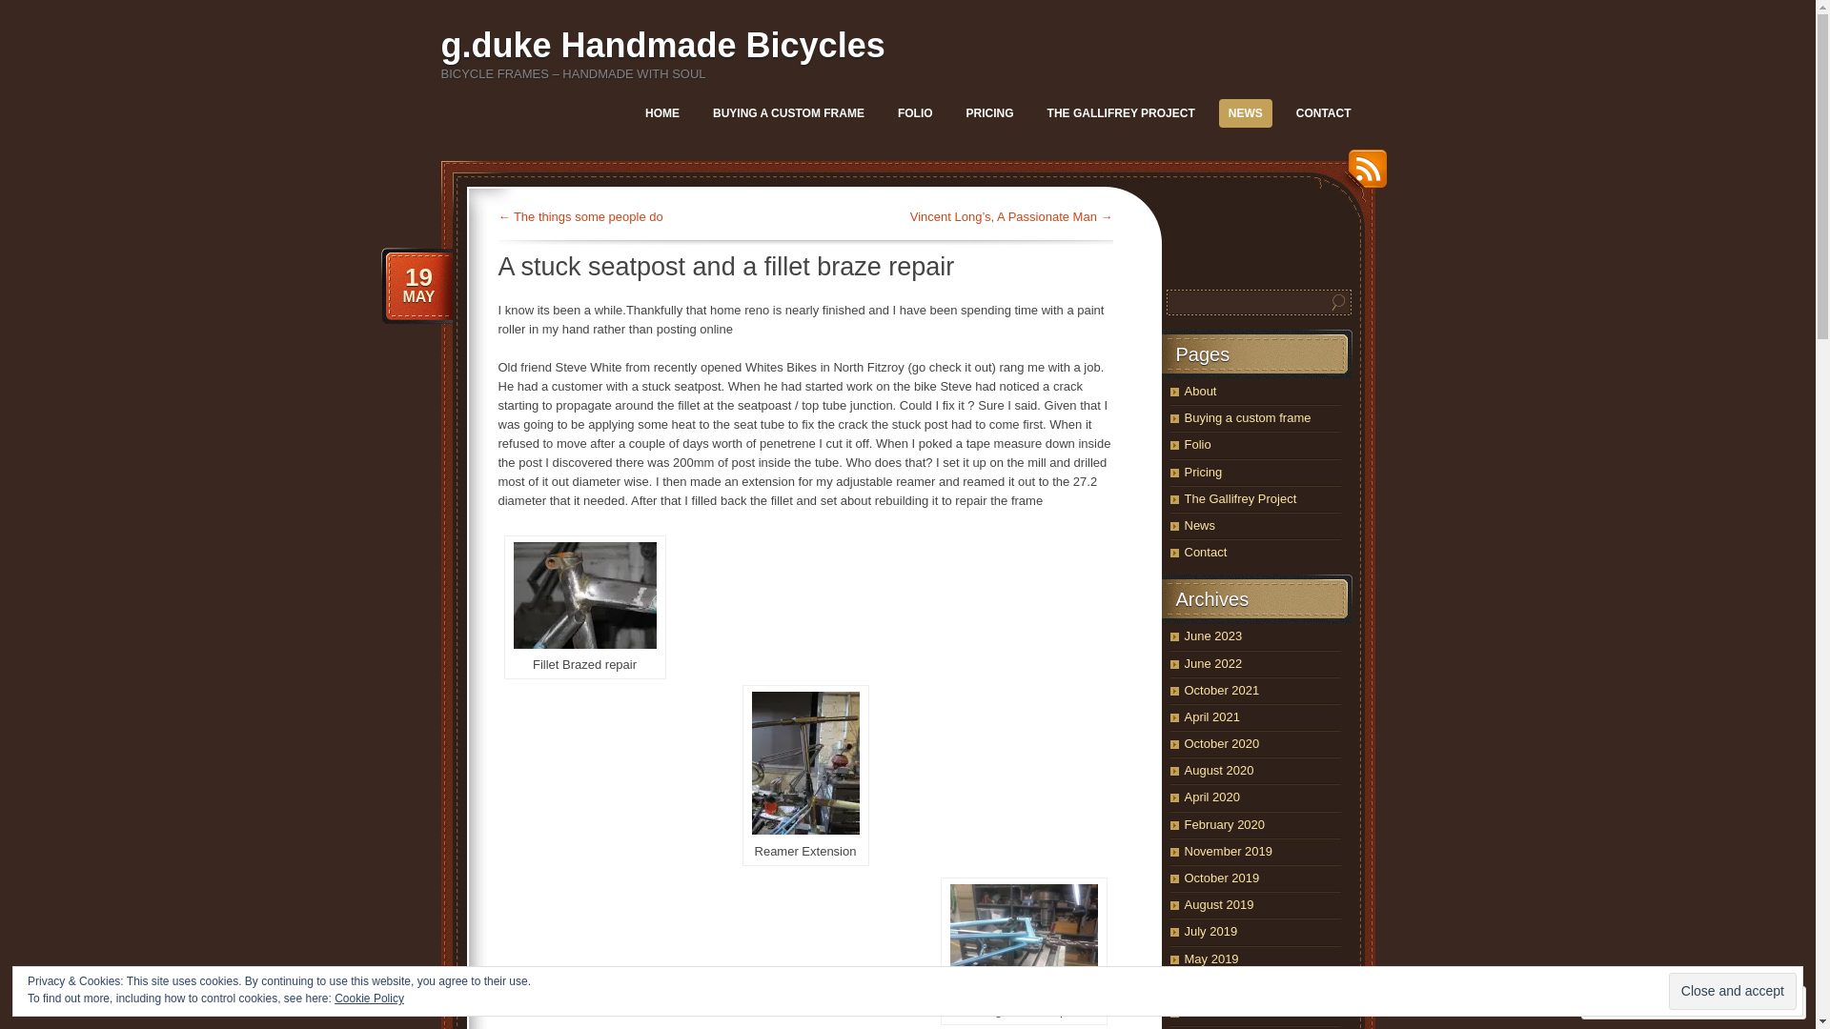 The height and width of the screenshot is (1029, 1830). What do you see at coordinates (1204, 552) in the screenshot?
I see `'Contact'` at bounding box center [1204, 552].